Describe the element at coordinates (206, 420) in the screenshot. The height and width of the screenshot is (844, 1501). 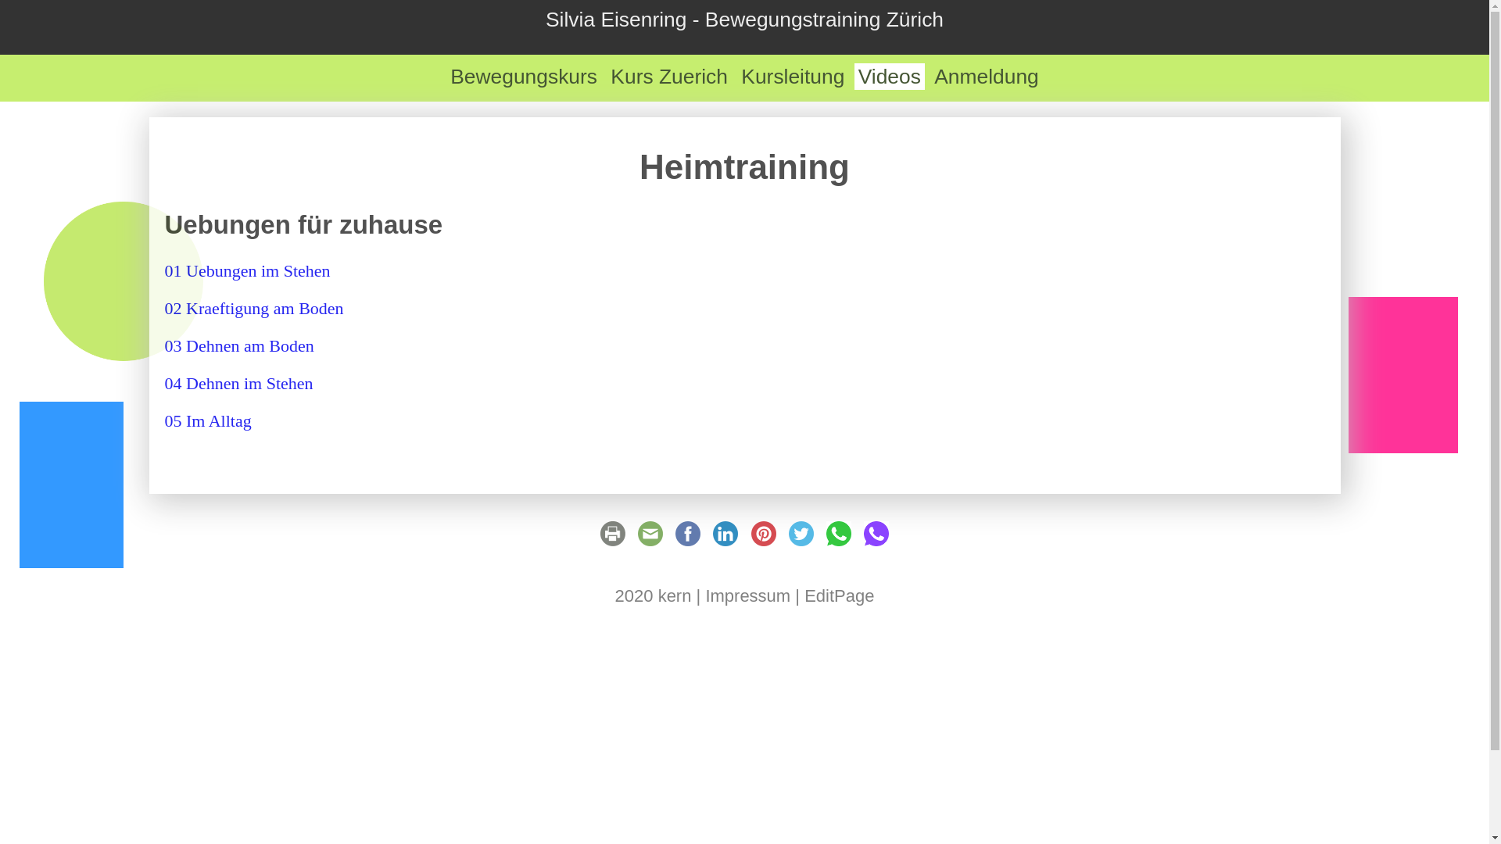
I see `'05 Im Alltag'` at that location.